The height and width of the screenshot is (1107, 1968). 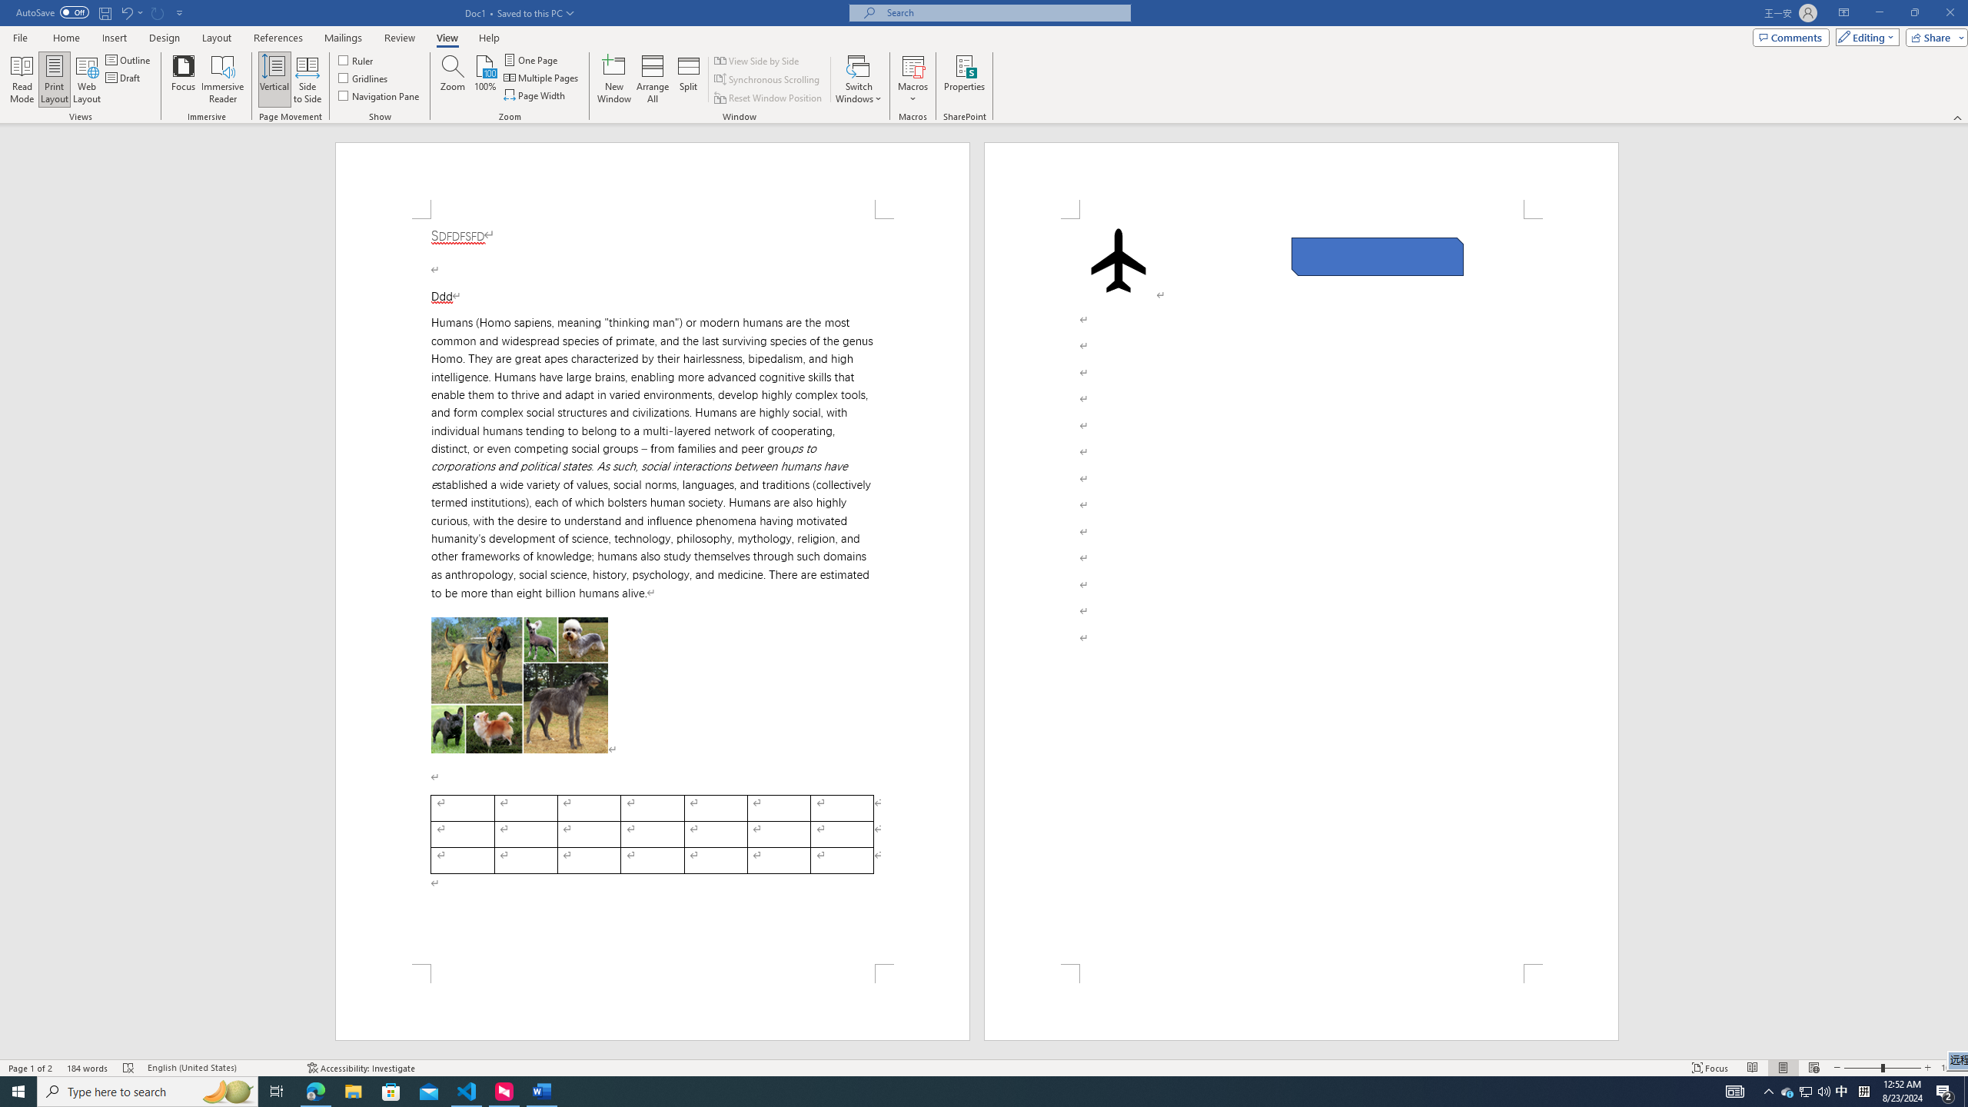 What do you see at coordinates (1945, 1090) in the screenshot?
I see `'Action Center, 2 new notifications'` at bounding box center [1945, 1090].